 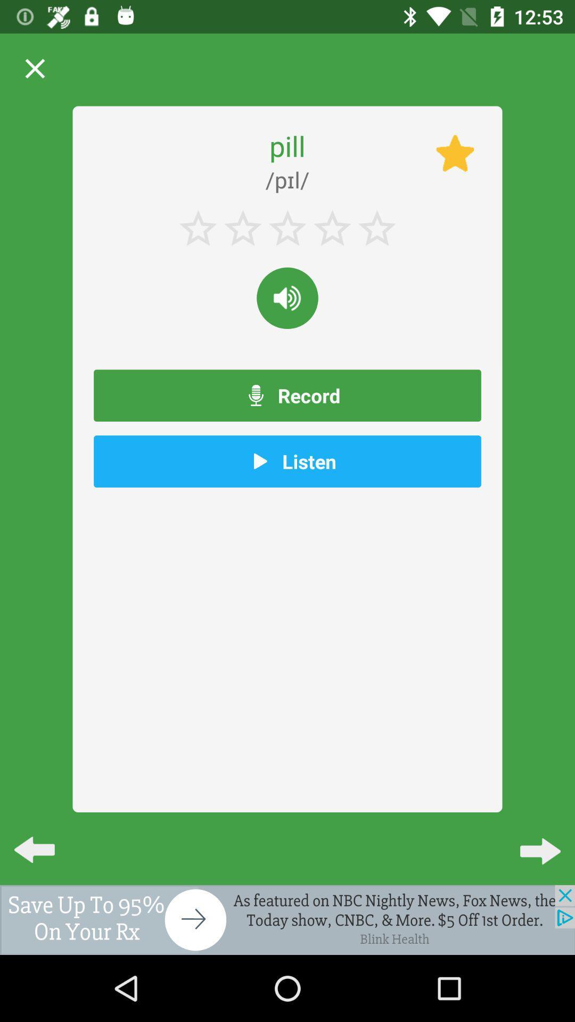 What do you see at coordinates (287, 919) in the screenshot?
I see `back` at bounding box center [287, 919].